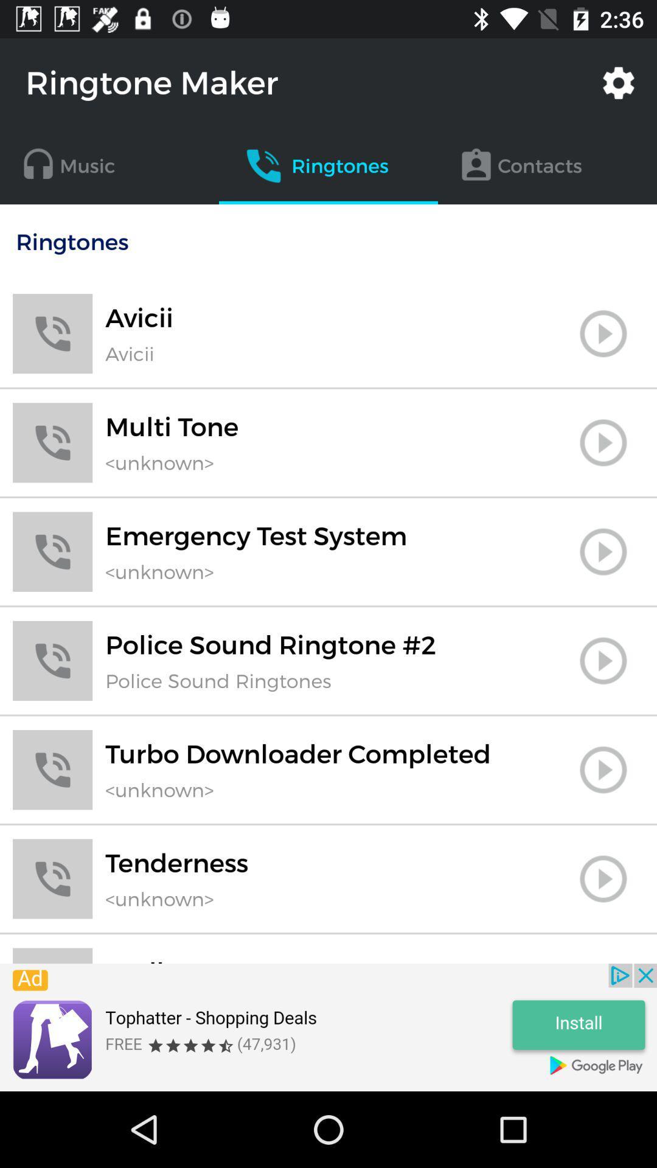  I want to click on page, so click(603, 442).